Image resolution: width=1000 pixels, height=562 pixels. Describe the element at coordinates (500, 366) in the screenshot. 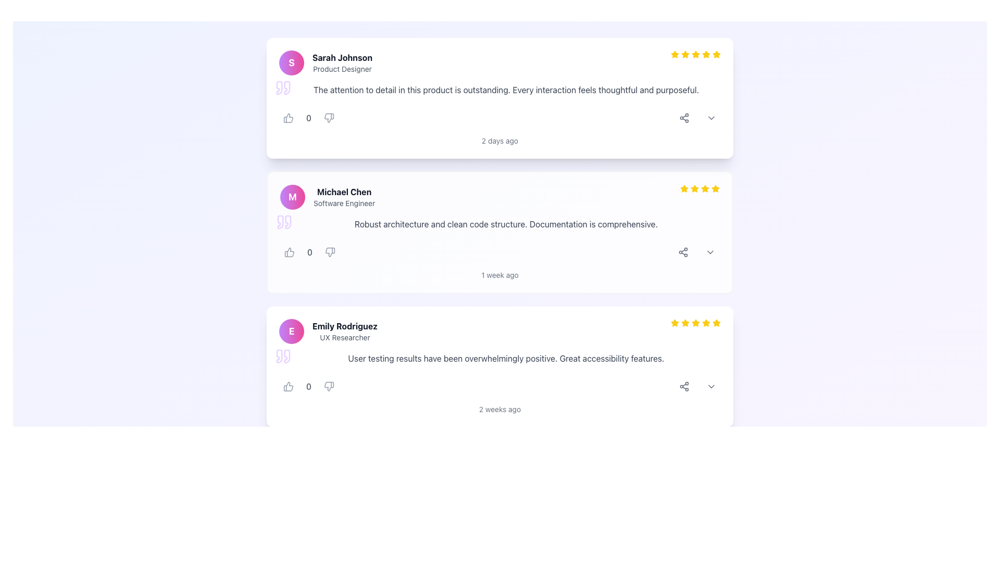

I see `the user testimonial card featuring Emily Rodriguez's feedback, which is the third card in a vertical list of testimonials` at that location.